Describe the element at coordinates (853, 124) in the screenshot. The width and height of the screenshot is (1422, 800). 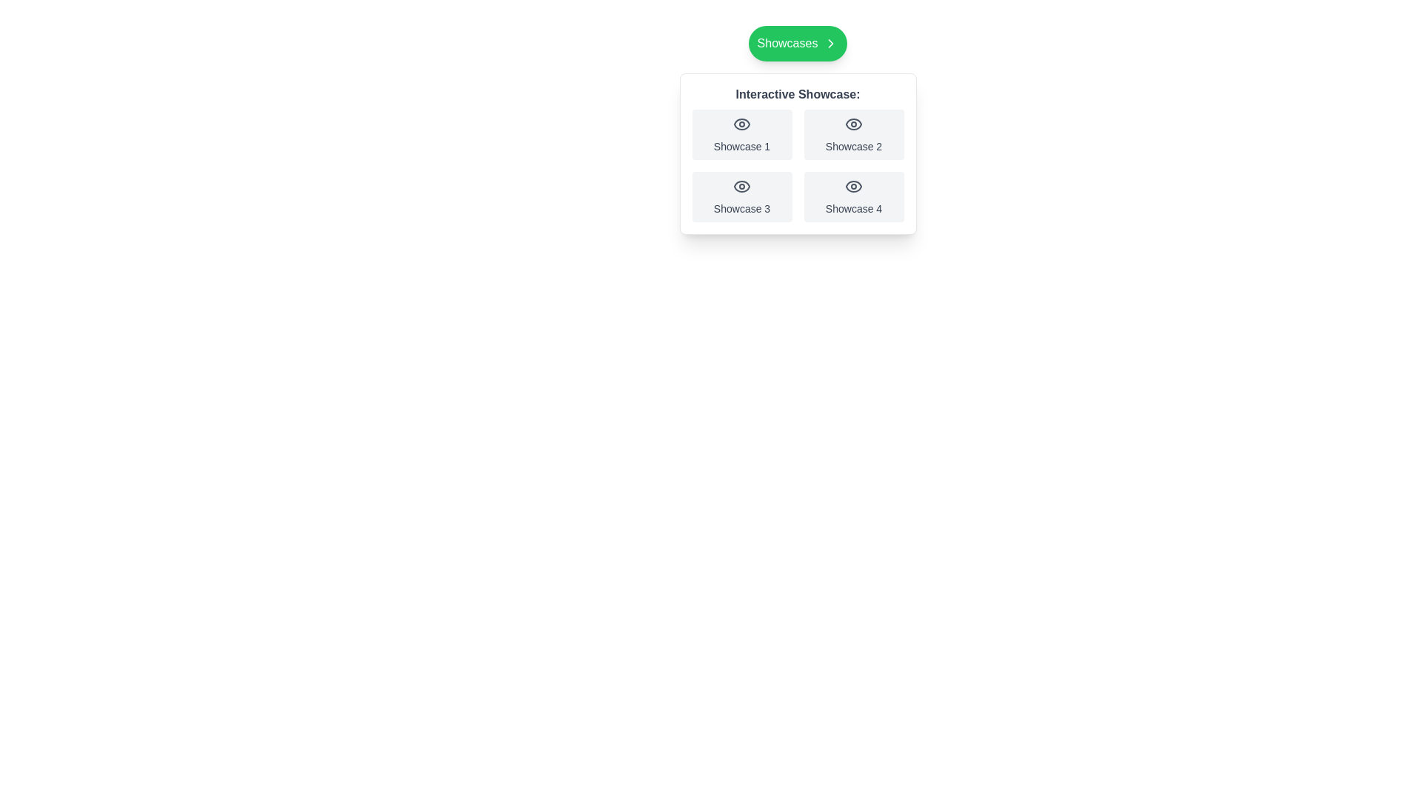
I see `the 'Showcase 2' icon located in the upper-right quadrant of the interactive showcase section` at that location.